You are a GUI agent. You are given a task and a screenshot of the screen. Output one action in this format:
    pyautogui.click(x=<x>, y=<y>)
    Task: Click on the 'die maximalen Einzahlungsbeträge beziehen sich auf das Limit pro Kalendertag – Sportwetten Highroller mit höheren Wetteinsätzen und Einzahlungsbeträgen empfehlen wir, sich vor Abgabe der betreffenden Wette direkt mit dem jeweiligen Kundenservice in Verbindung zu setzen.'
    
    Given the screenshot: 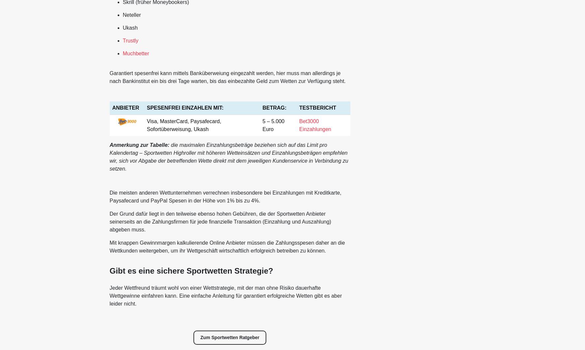 What is the action you would take?
    pyautogui.click(x=228, y=156)
    